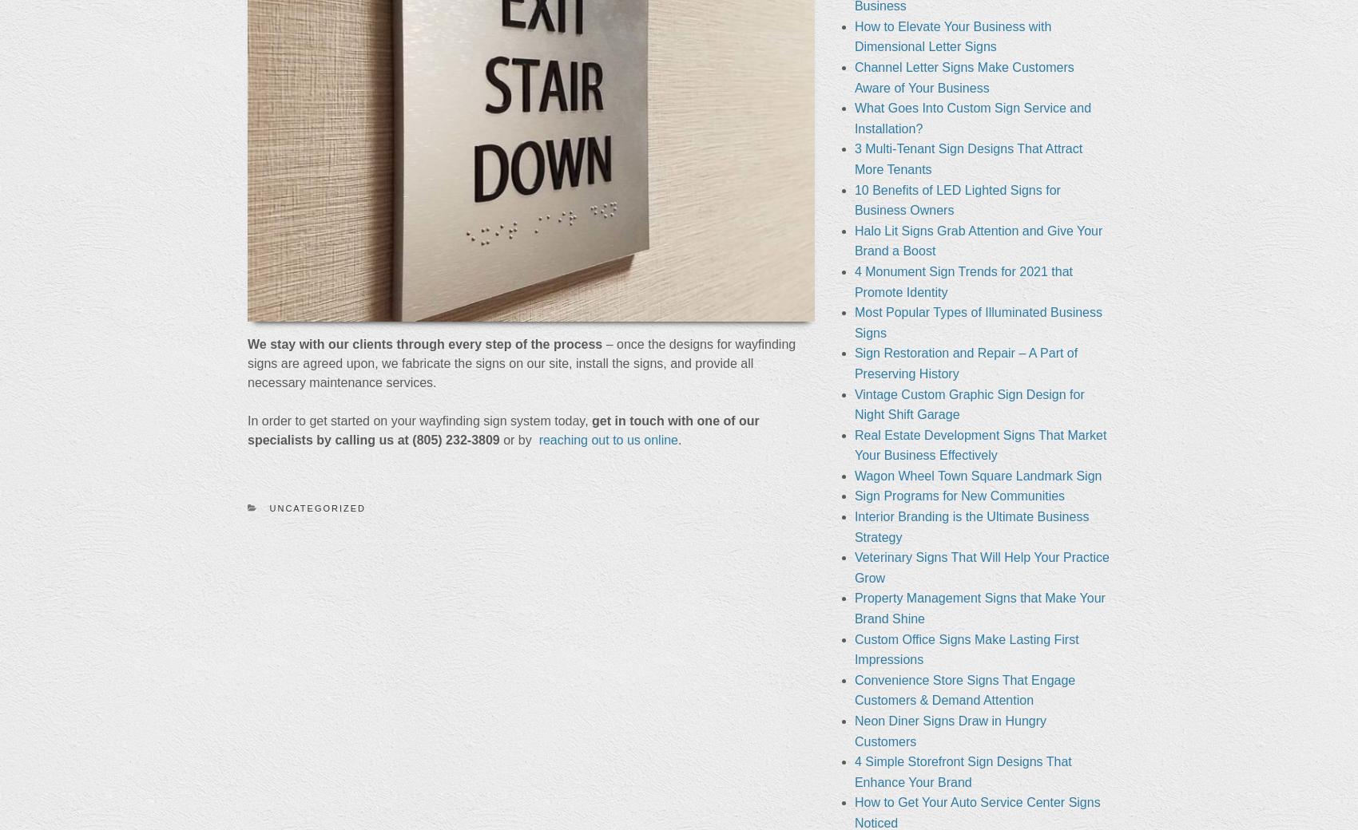 The width and height of the screenshot is (1358, 830). What do you see at coordinates (980, 567) in the screenshot?
I see `'Veterinary Signs That Will Help Your Practice Grow'` at bounding box center [980, 567].